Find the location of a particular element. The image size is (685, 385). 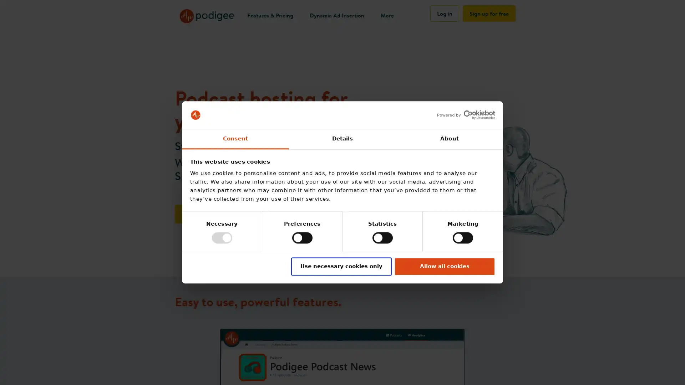

Allow all cookies is located at coordinates (444, 266).